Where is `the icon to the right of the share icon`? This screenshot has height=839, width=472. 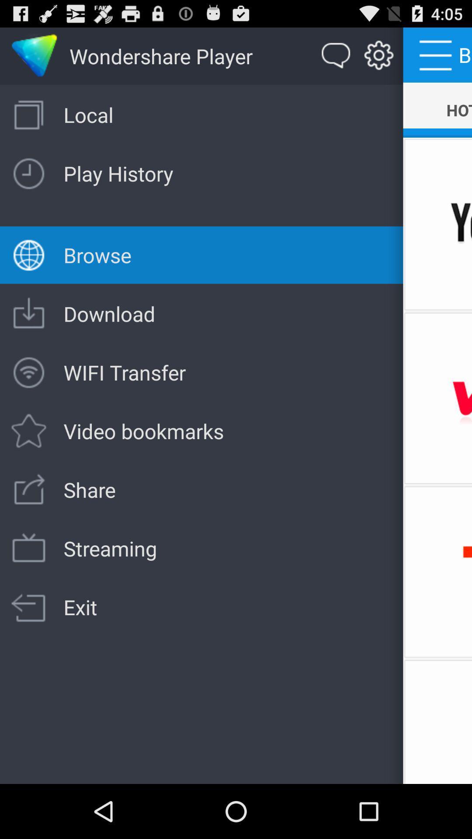 the icon to the right of the share icon is located at coordinates (437, 572).